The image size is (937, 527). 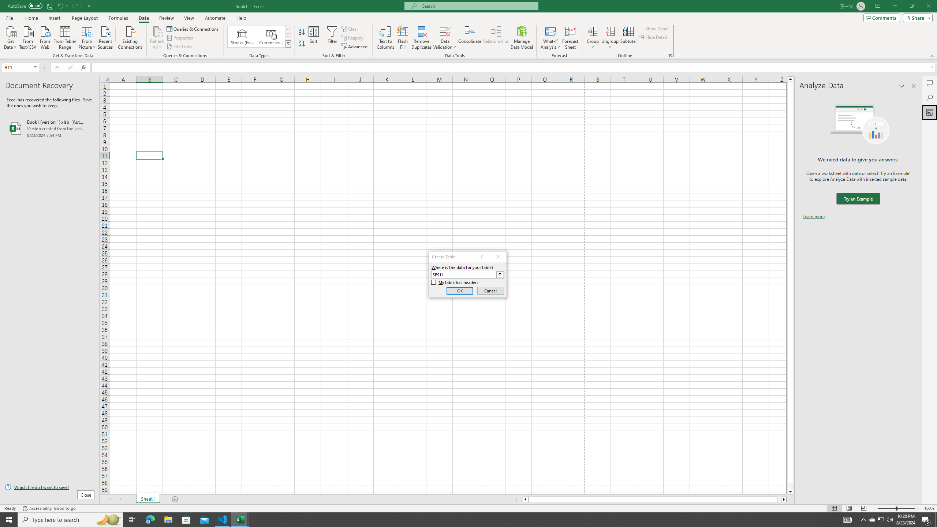 What do you see at coordinates (109, 499) in the screenshot?
I see `'Scroll Left'` at bounding box center [109, 499].